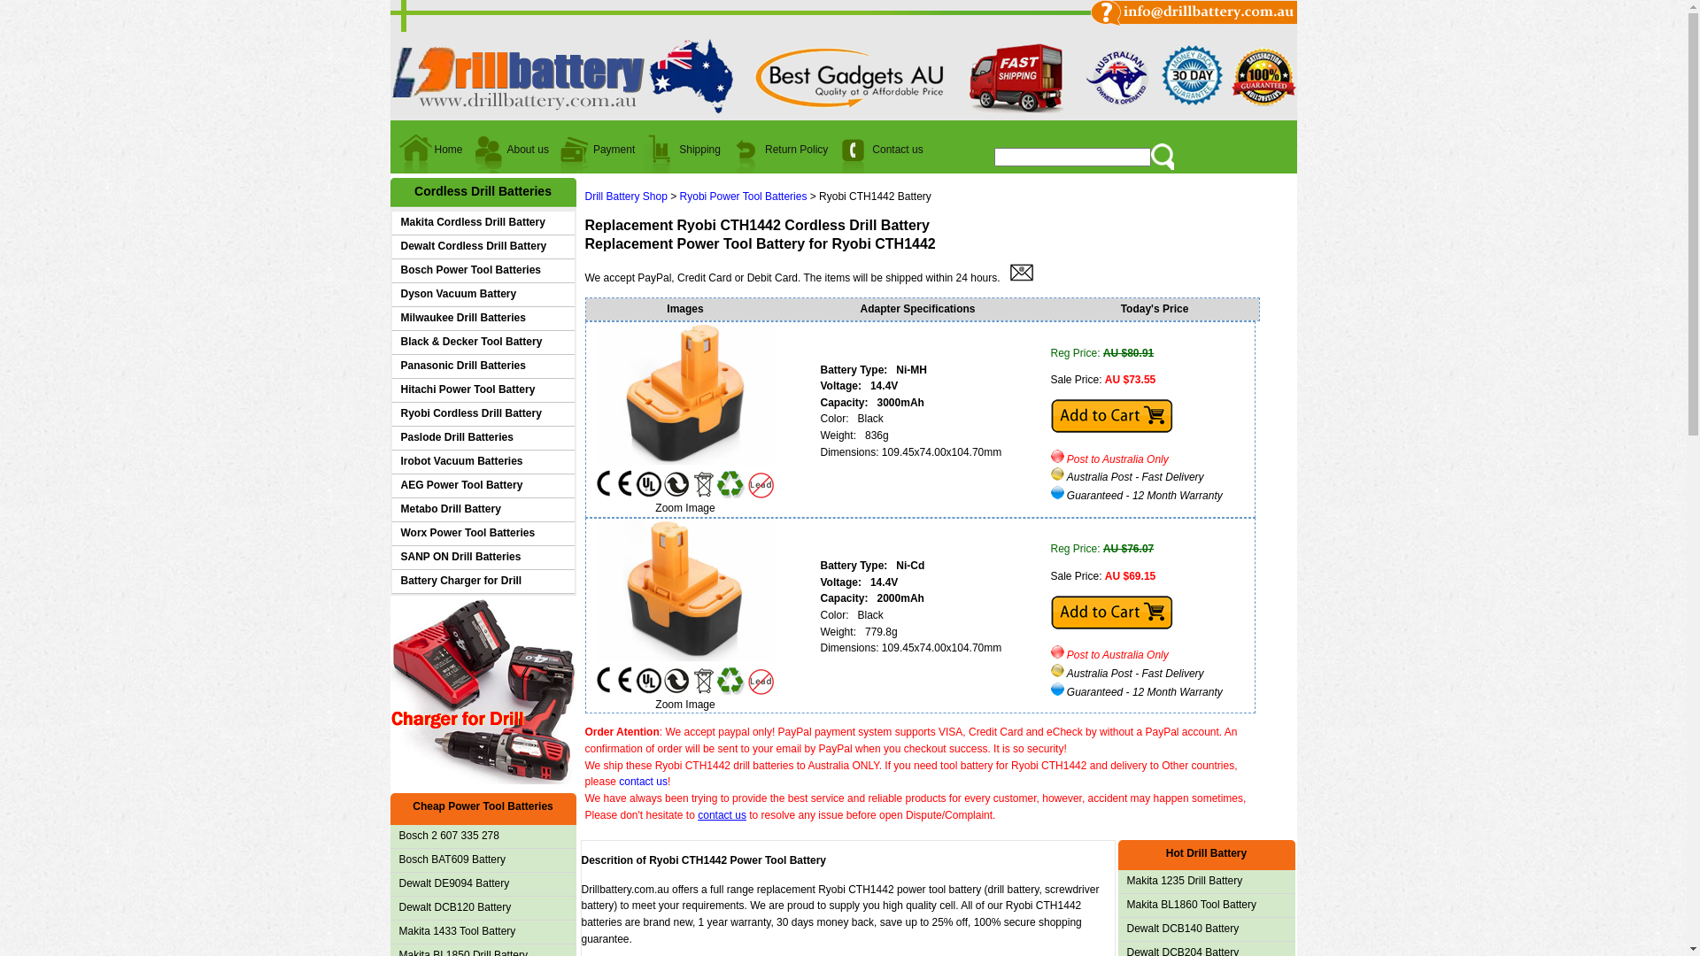  What do you see at coordinates (483, 532) in the screenshot?
I see `'Worx Power Tool Batteries'` at bounding box center [483, 532].